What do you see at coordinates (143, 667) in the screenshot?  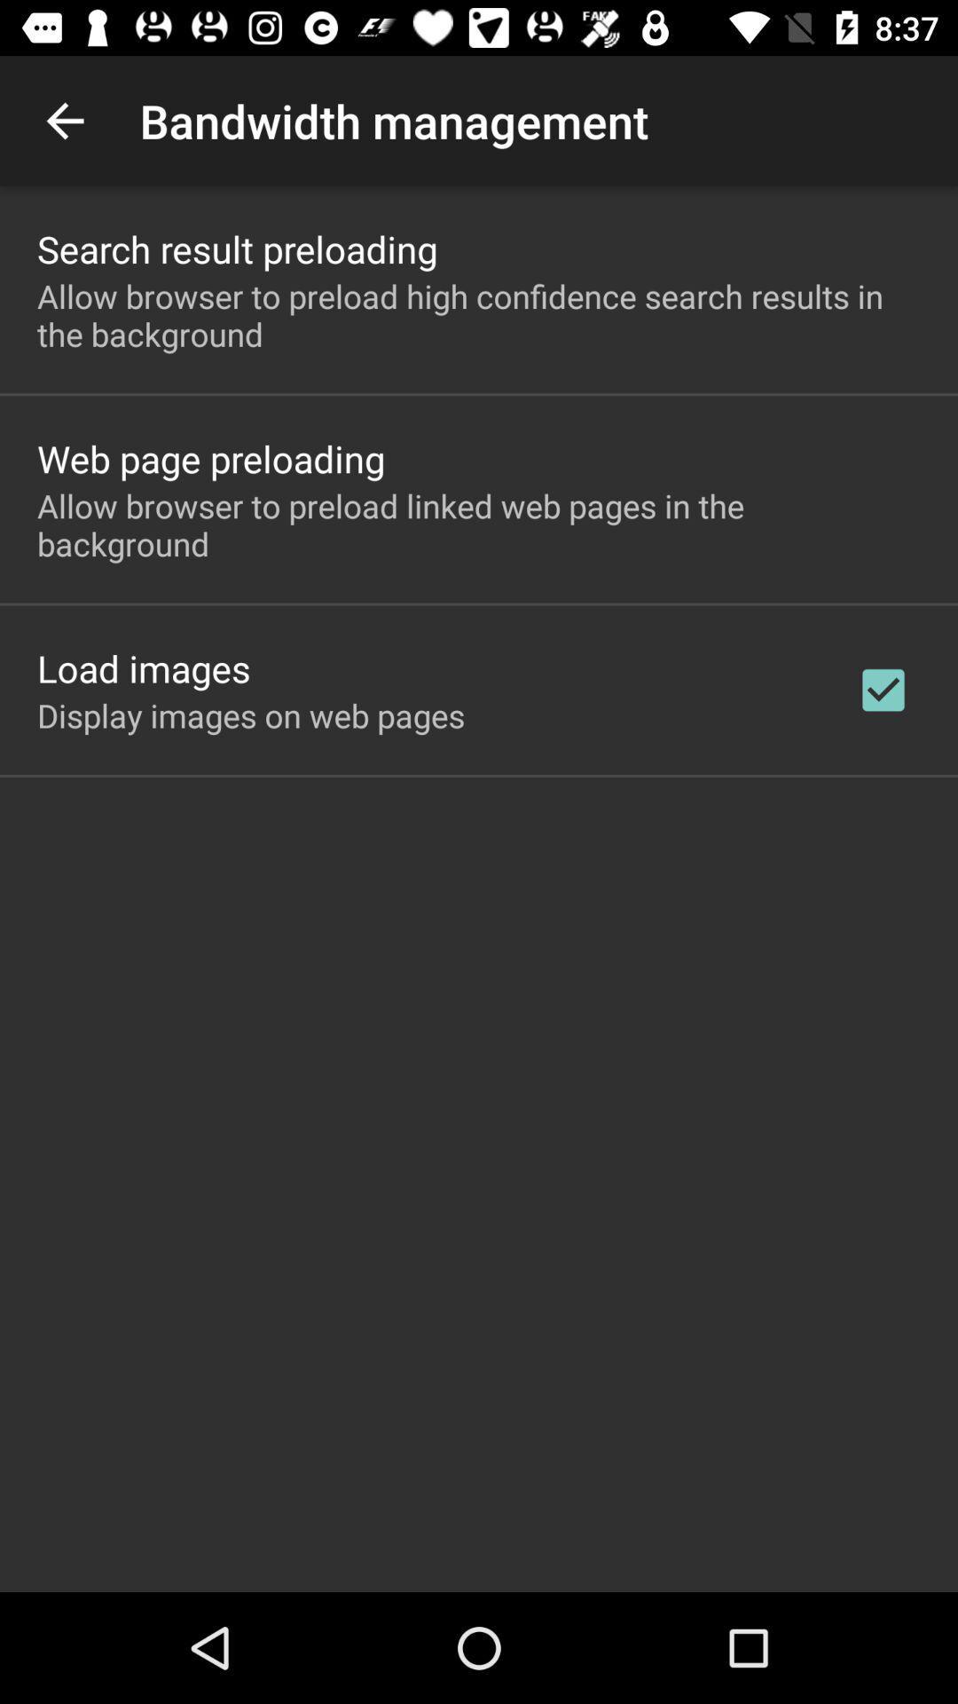 I see `the item below the allow browser to icon` at bounding box center [143, 667].